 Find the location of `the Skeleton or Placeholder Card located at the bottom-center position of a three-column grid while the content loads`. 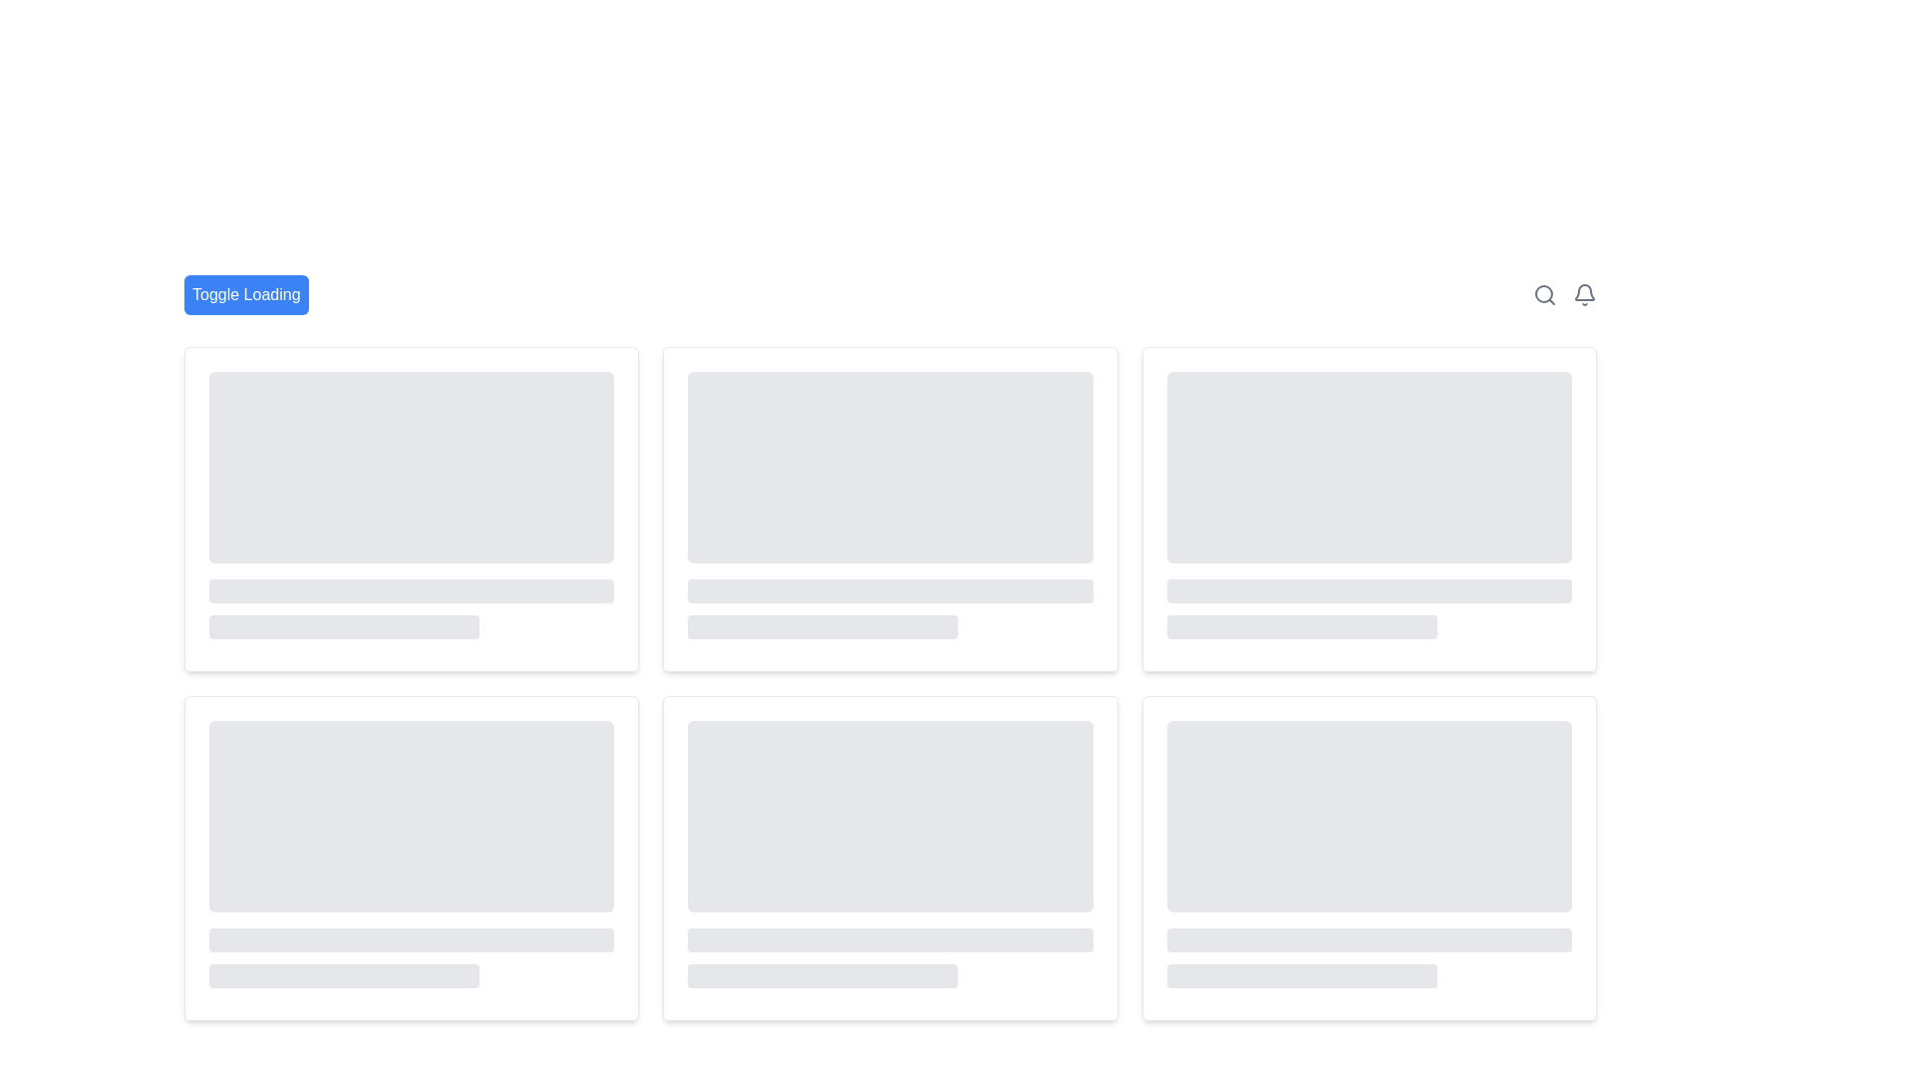

the Skeleton or Placeholder Card located at the bottom-center position of a three-column grid while the content loads is located at coordinates (889, 857).